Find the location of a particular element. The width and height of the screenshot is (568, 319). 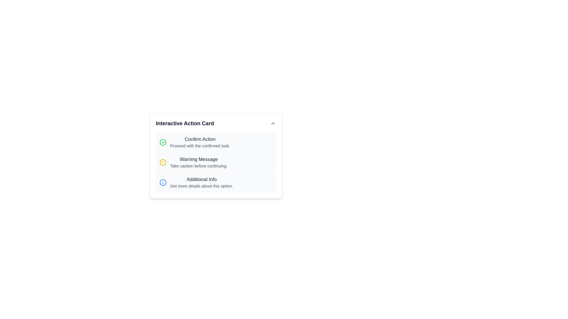

the 'Confirm Action' text label, which is styled in dark gray on a light background and positioned at the top of an informational card is located at coordinates (200, 139).